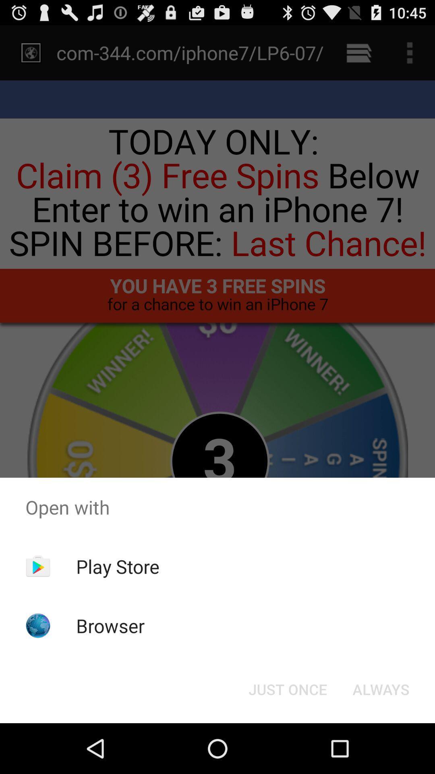  What do you see at coordinates (287, 689) in the screenshot?
I see `the button at the bottom` at bounding box center [287, 689].